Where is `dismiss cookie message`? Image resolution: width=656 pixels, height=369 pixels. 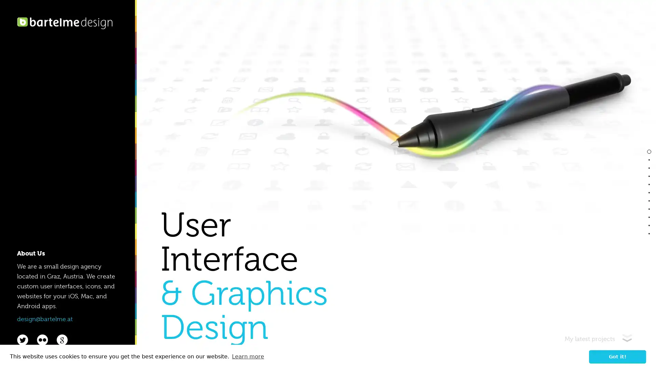
dismiss cookie message is located at coordinates (617, 356).